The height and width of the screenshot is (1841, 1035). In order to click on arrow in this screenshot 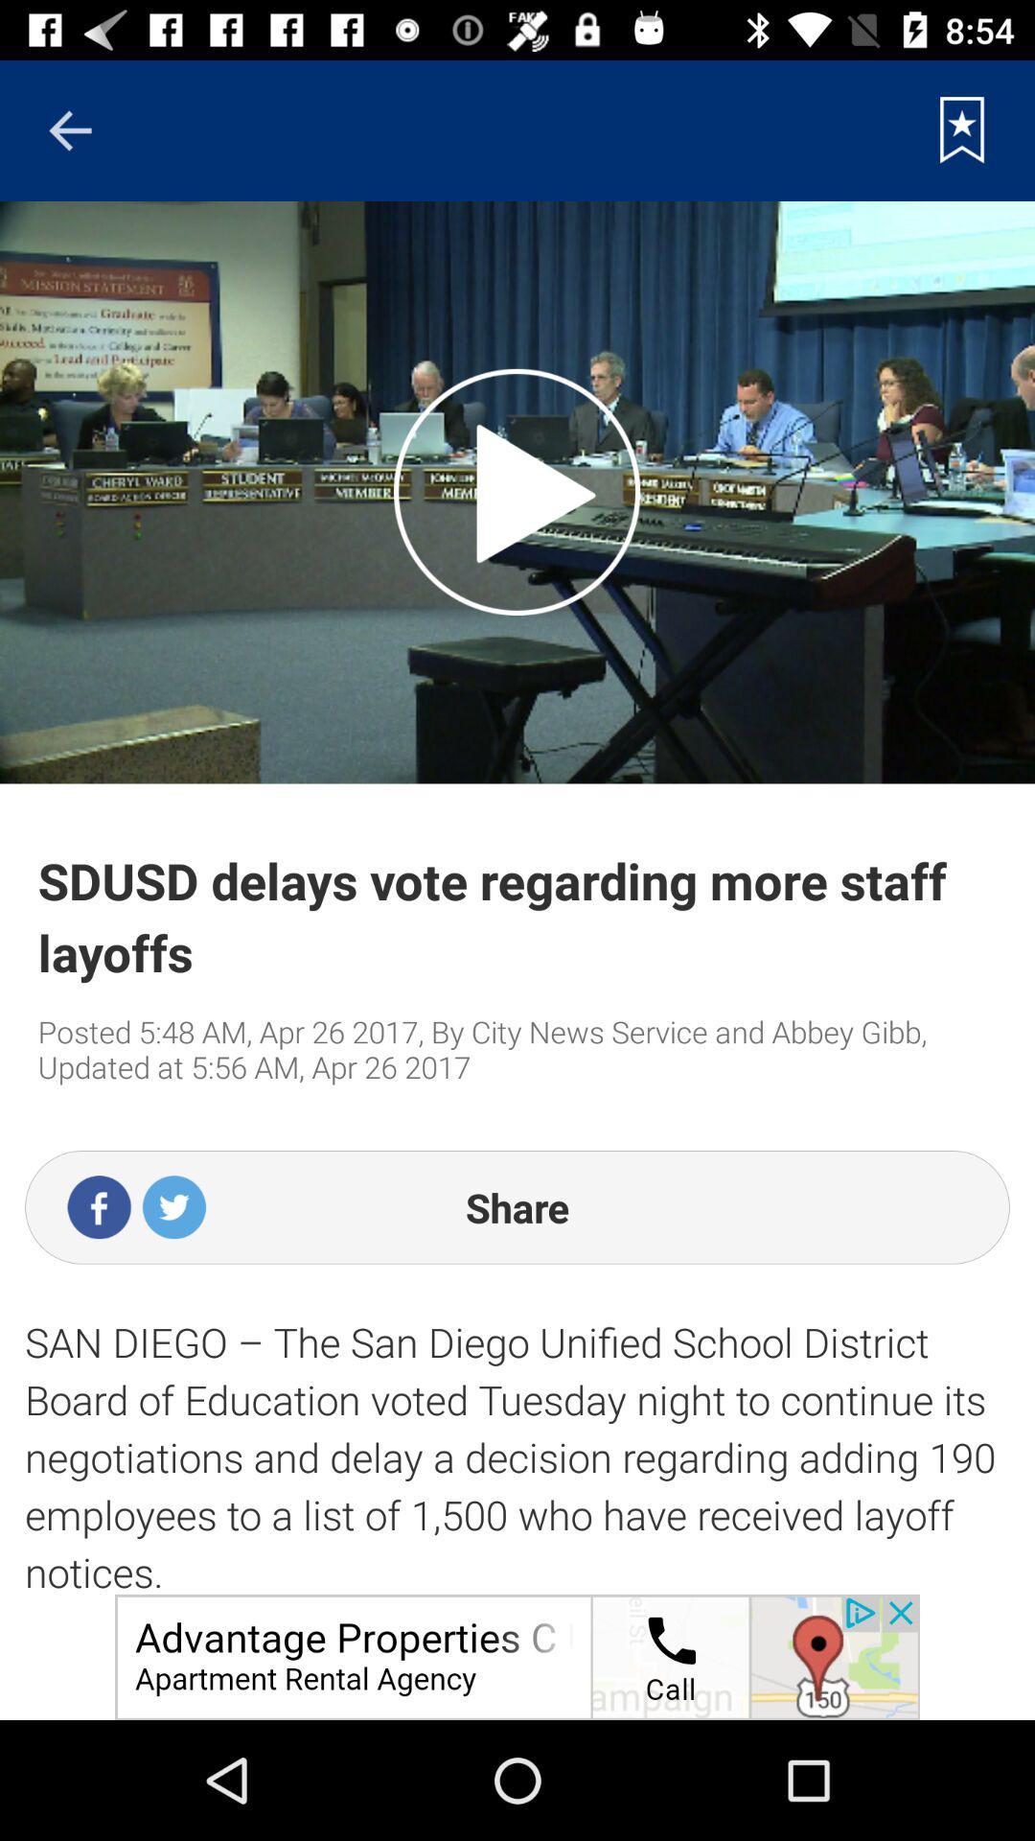, I will do `click(69, 129)`.